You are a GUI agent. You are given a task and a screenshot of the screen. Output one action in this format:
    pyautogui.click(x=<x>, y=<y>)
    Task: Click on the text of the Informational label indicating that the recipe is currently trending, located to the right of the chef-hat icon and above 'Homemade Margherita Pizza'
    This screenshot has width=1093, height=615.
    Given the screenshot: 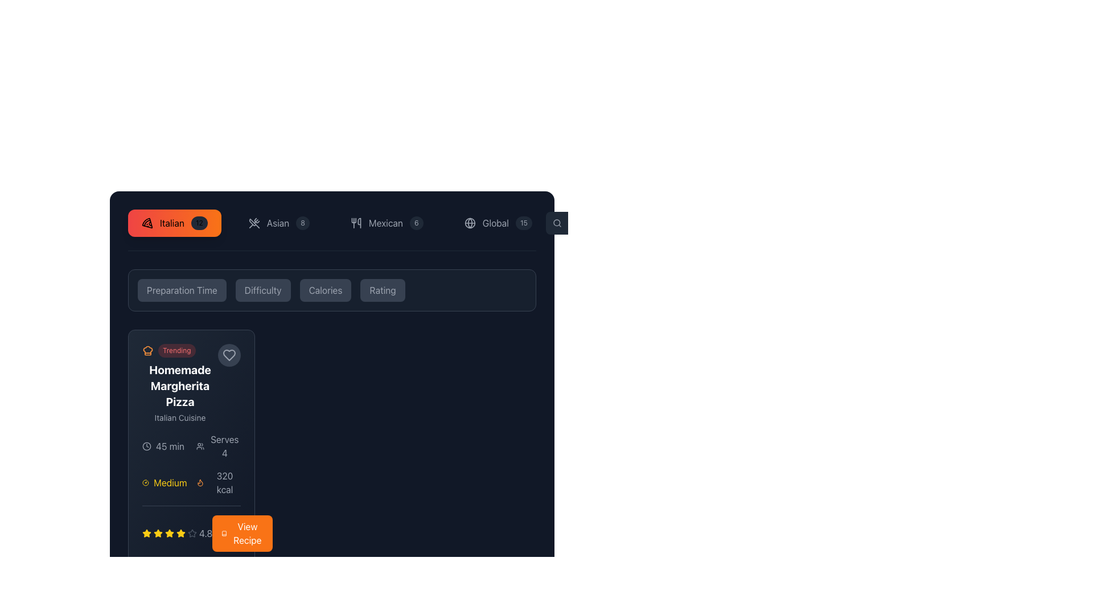 What is the action you would take?
    pyautogui.click(x=176, y=350)
    